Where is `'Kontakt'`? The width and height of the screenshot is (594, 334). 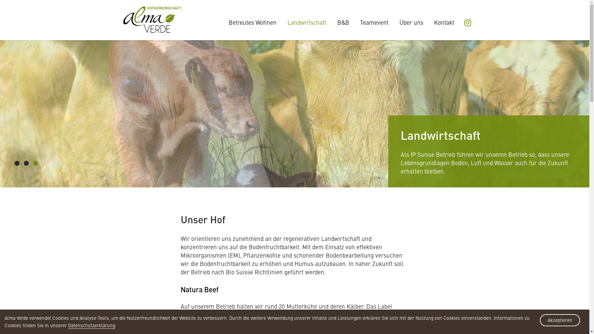
'Kontakt' is located at coordinates (443, 22).